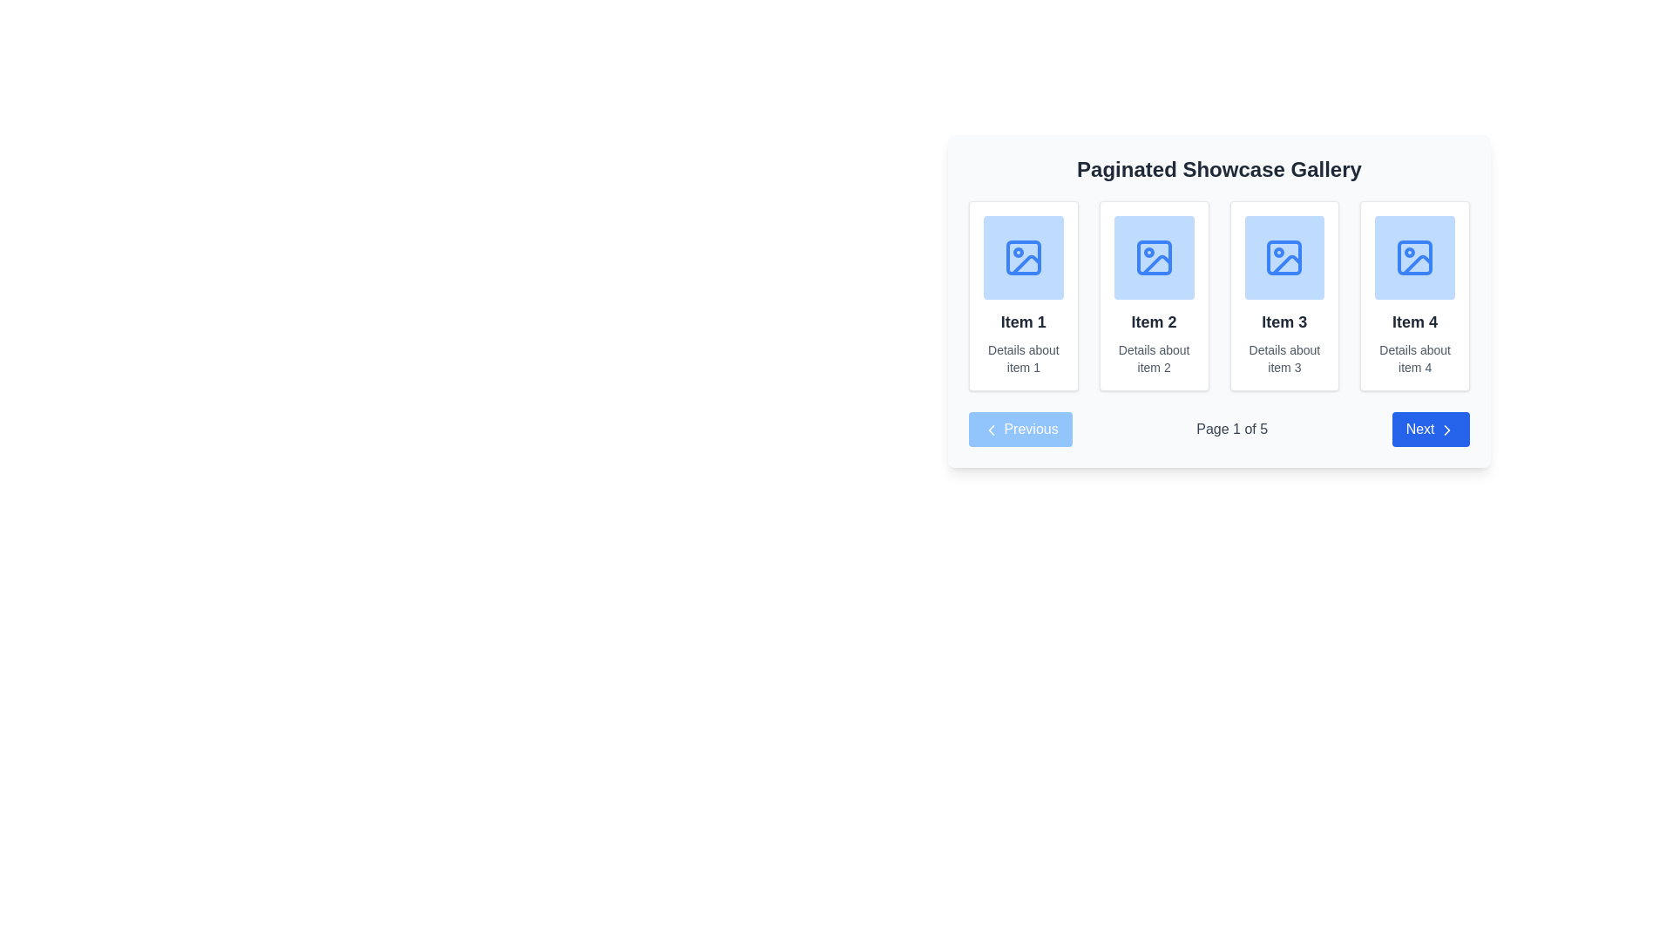  I want to click on the right-facing chevron icon within the 'Next' button located at the bottom-right corner of the paginated gallery interface, so click(1446, 430).